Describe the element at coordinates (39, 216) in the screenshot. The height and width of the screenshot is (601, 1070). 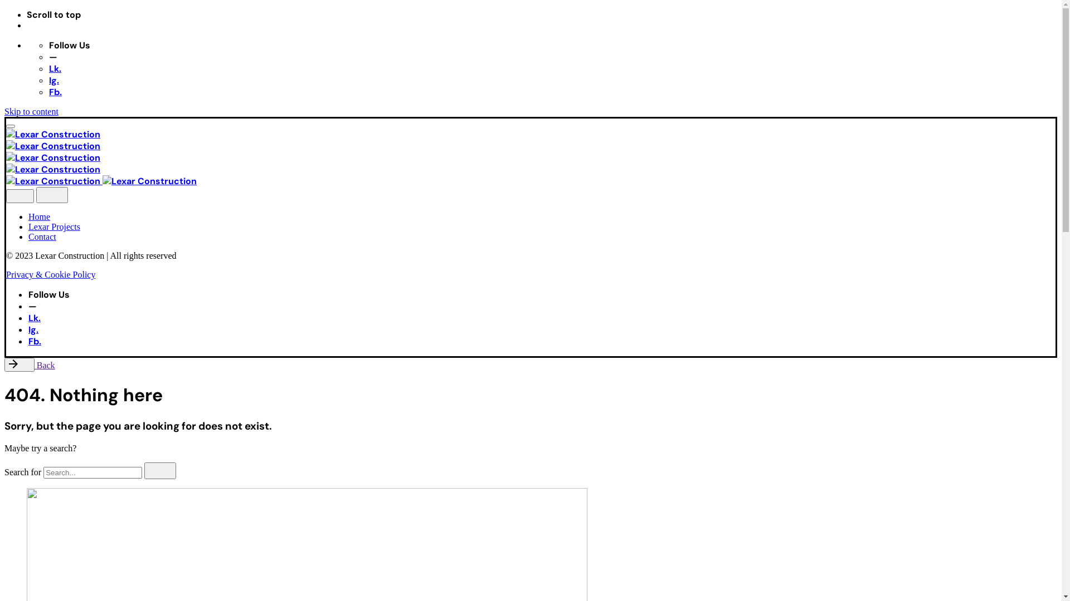
I see `'Home'` at that location.